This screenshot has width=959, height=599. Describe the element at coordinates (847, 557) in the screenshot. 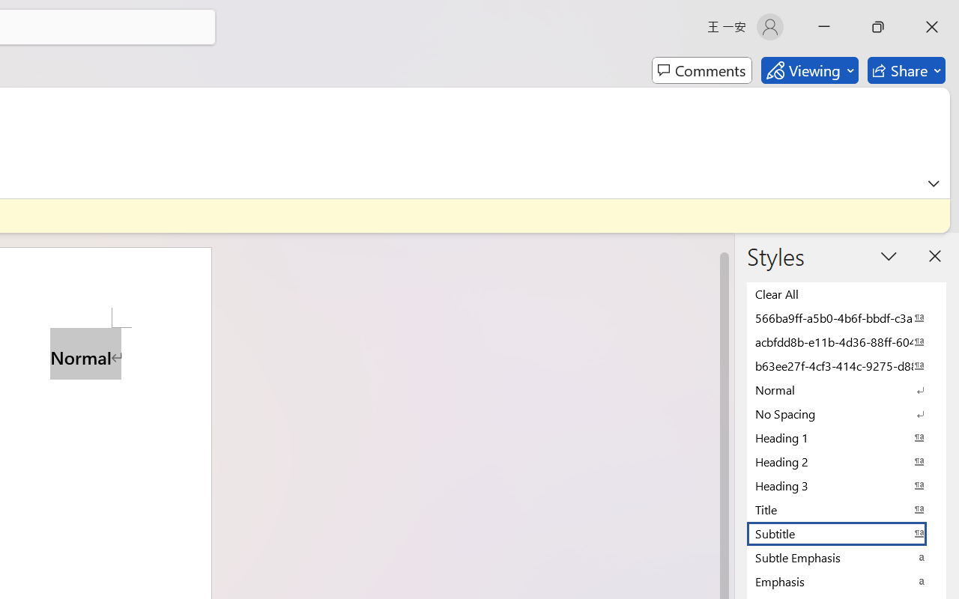

I see `'Subtle Emphasis'` at that location.